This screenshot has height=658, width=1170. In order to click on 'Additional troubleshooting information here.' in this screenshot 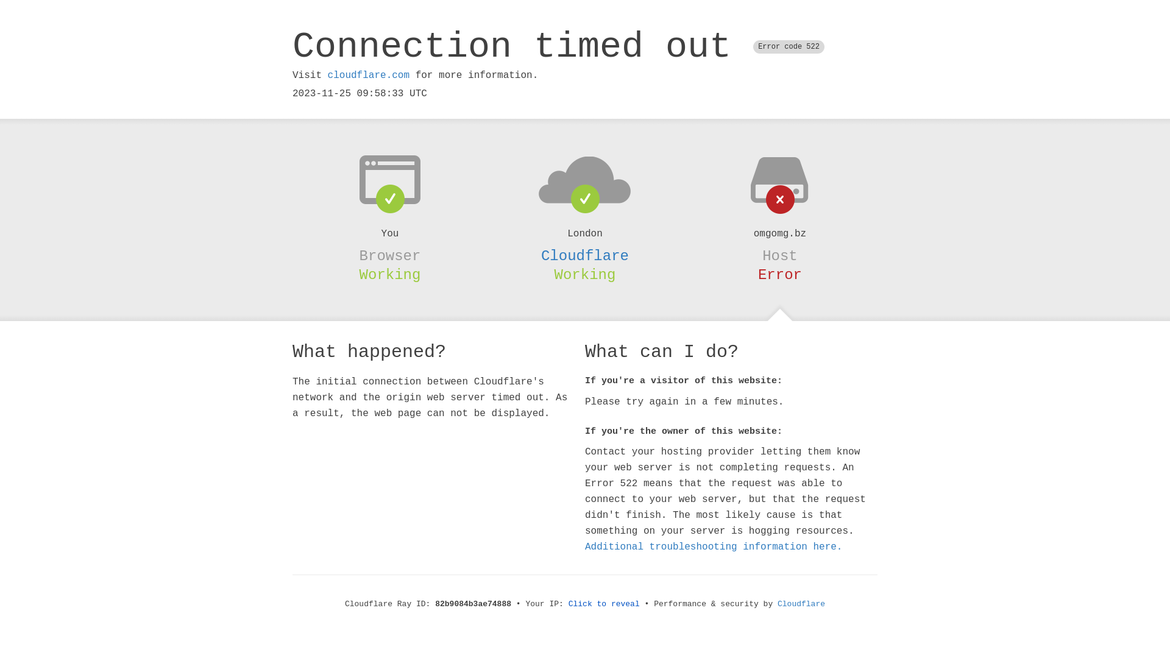, I will do `click(714, 547)`.